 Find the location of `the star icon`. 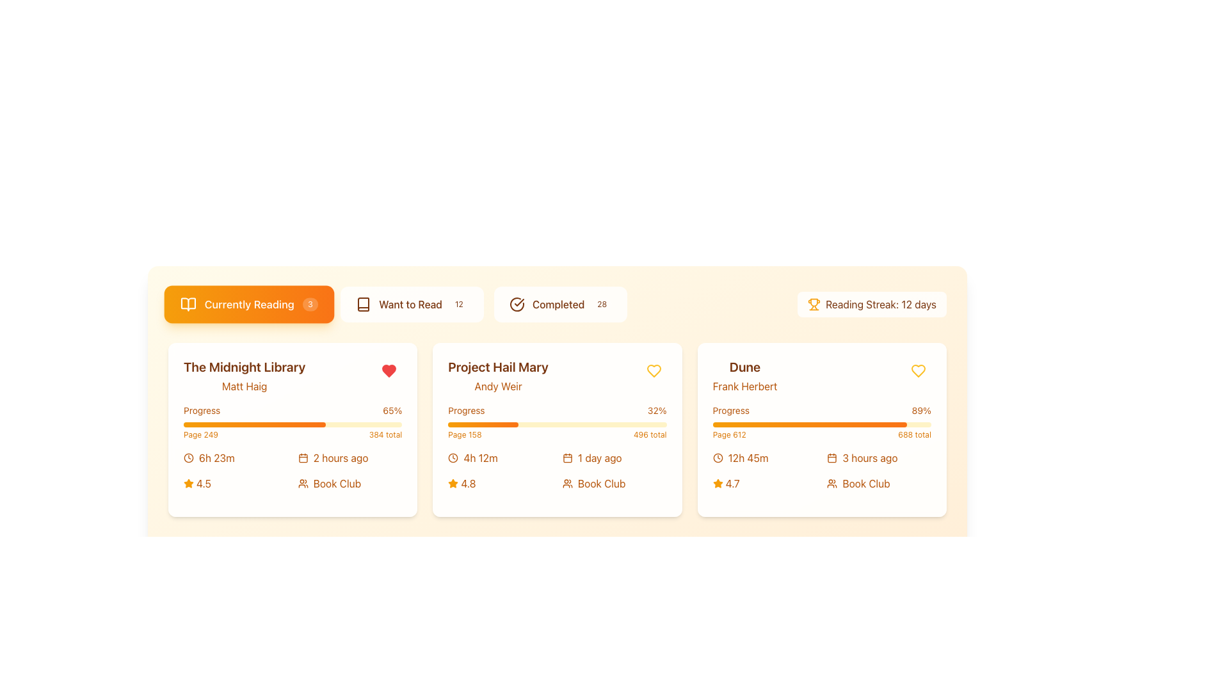

the star icon is located at coordinates (718, 484).